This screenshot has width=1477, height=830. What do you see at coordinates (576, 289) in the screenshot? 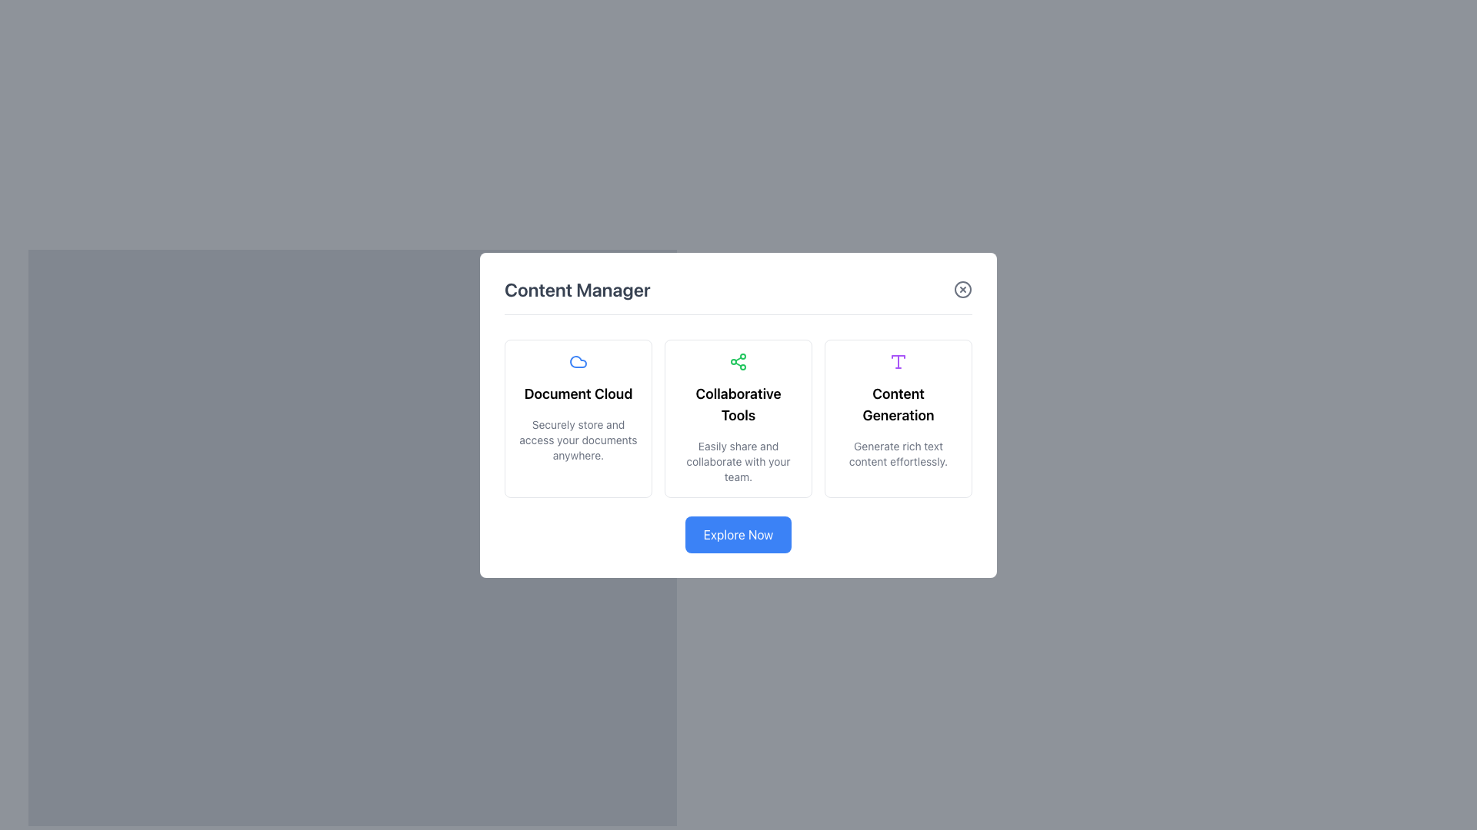
I see `the Text Label that serves as a title or heading for the content displayed in the card interface, located at the top-left corner of the white card overlaying the gray background` at bounding box center [576, 289].